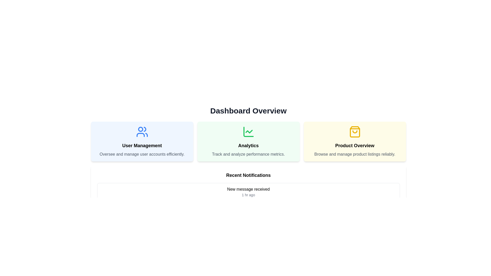  Describe the element at coordinates (140, 129) in the screenshot. I see `the small circle inside the blue 'User Management' icon located at the leftmost section of the tile` at that location.